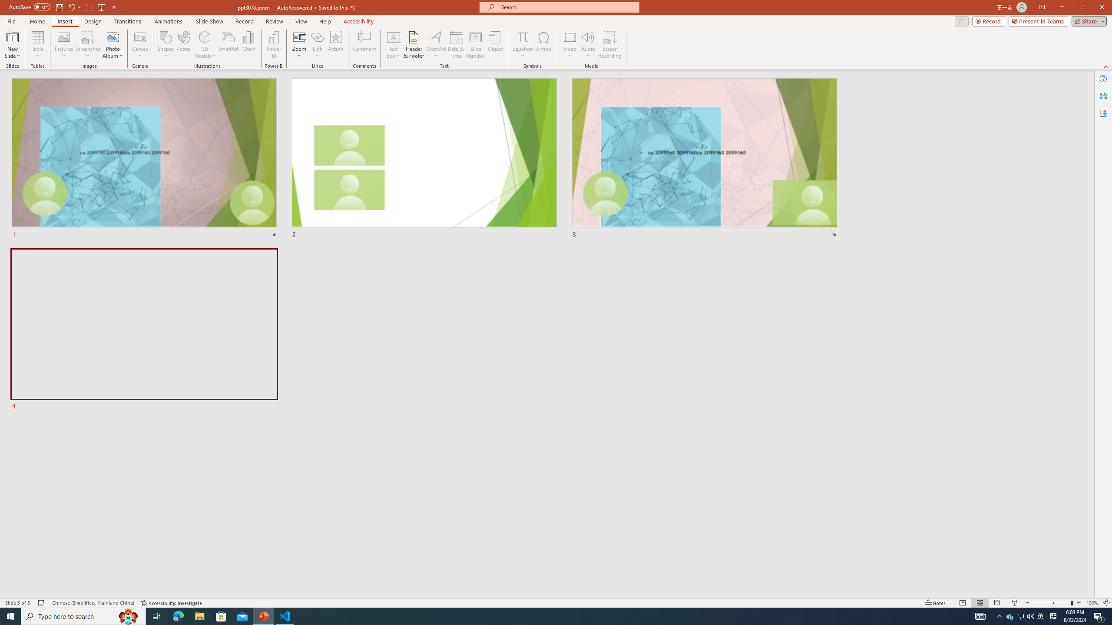  Describe the element at coordinates (543, 45) in the screenshot. I see `'Symbol...'` at that location.